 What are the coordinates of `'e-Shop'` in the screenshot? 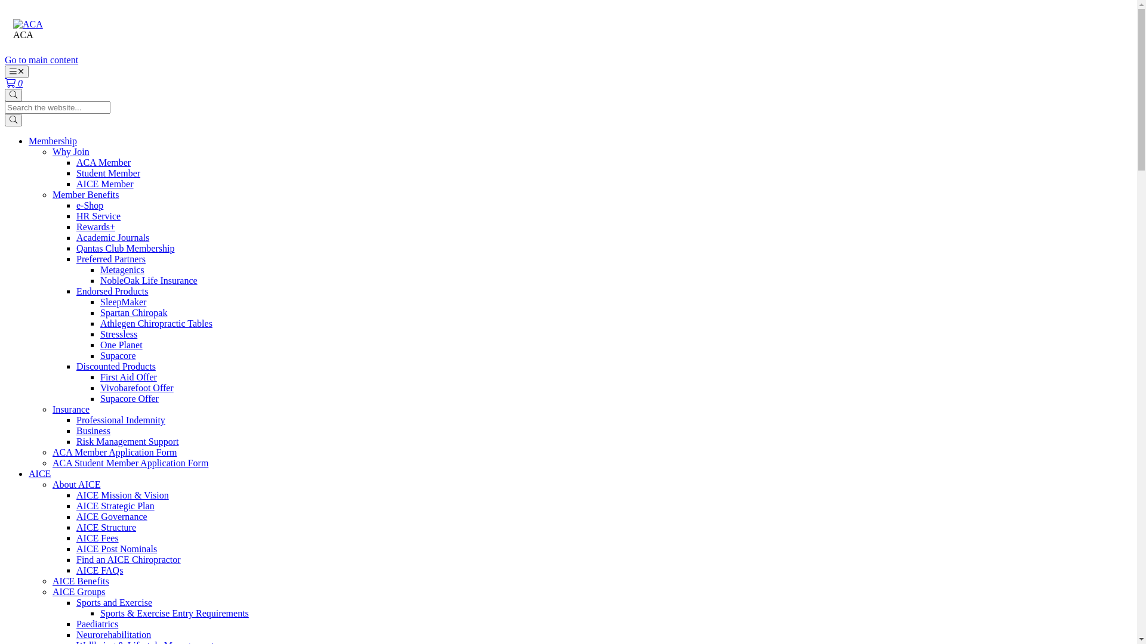 It's located at (89, 205).